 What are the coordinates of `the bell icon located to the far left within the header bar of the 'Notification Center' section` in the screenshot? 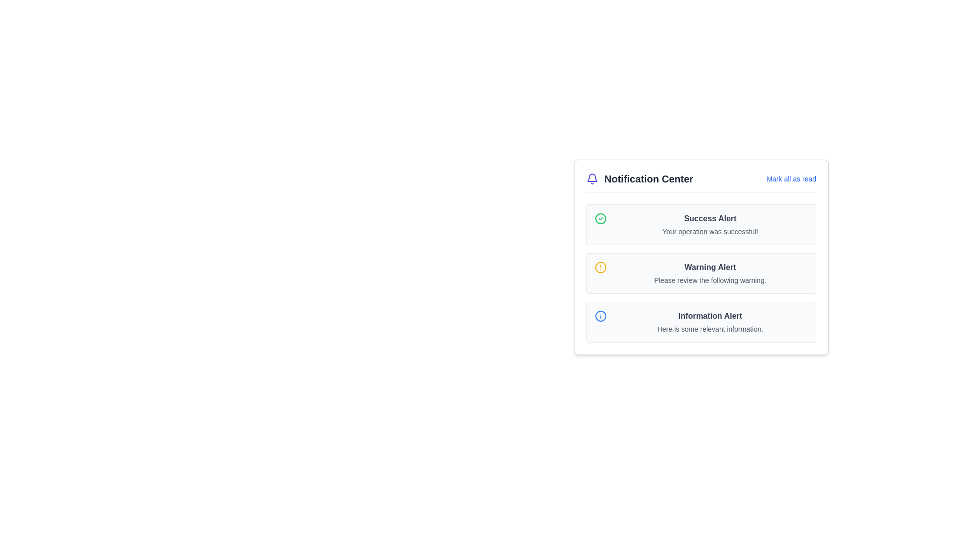 It's located at (592, 178).